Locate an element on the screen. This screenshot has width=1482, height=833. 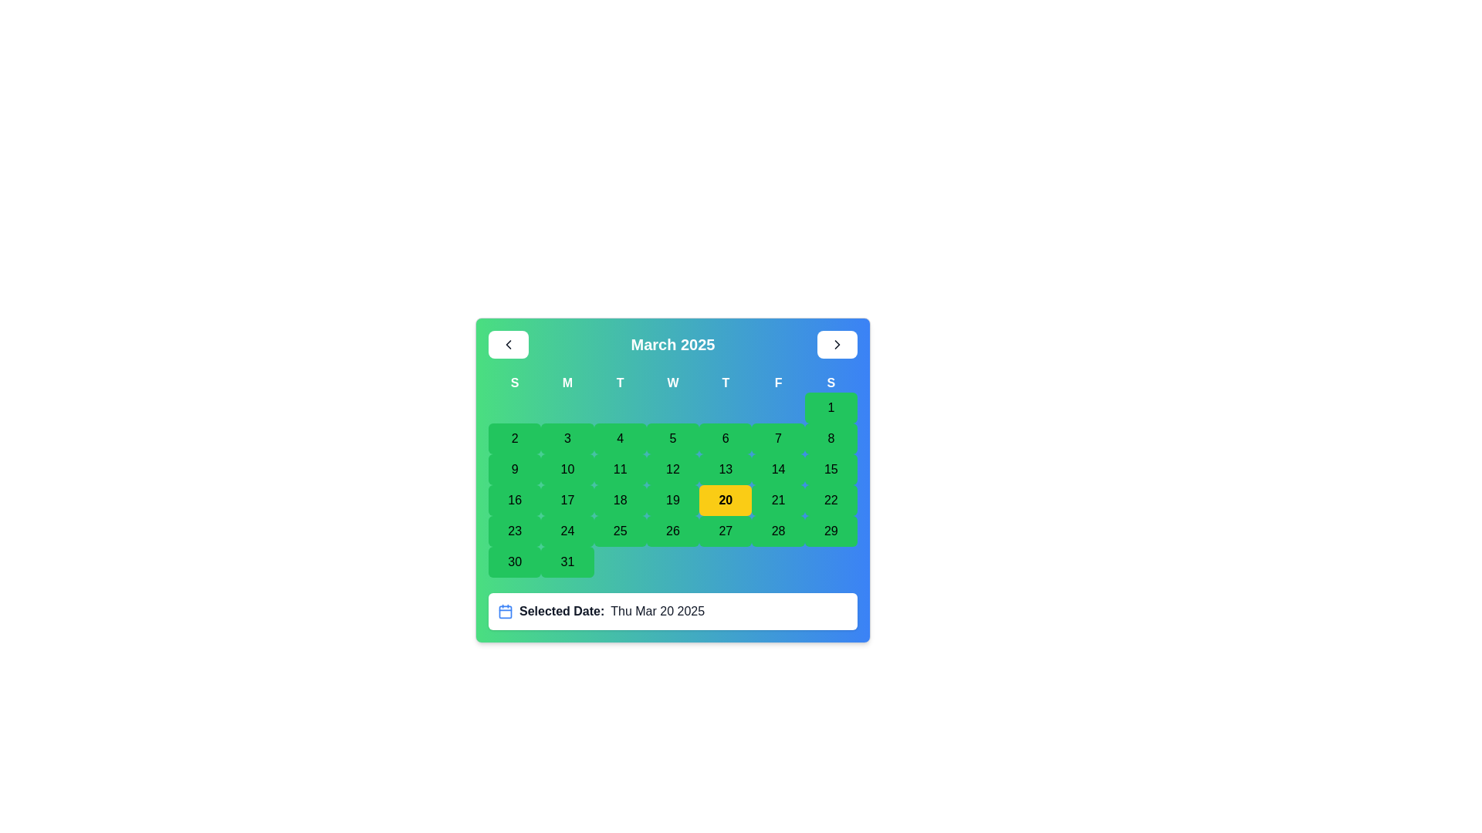
the green button displaying the number '22' in the calendar grid for March 2025 is located at coordinates (830, 500).